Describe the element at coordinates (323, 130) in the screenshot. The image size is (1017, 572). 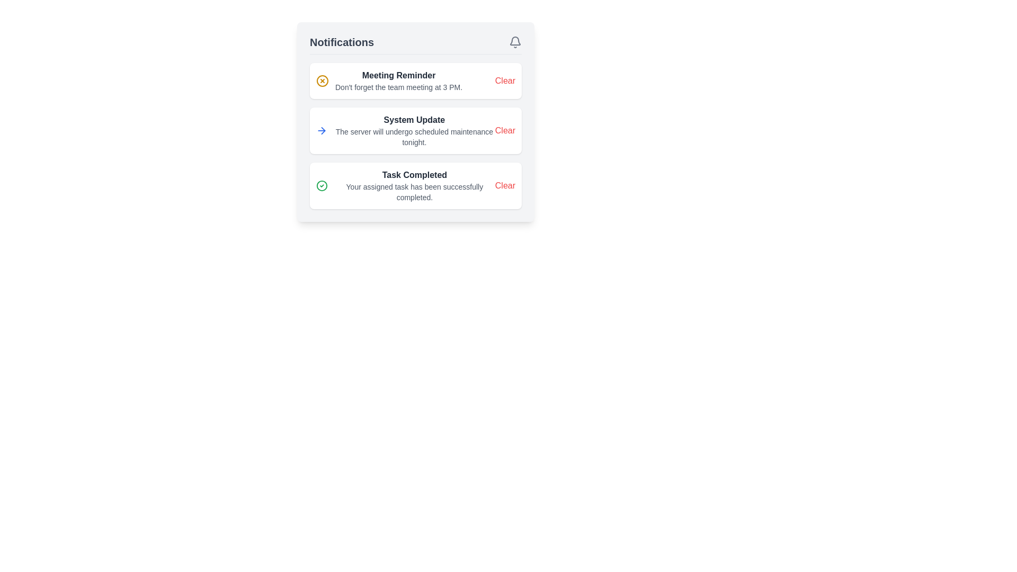
I see `the blue arrow symbol pointing right located in the upper-right corner of the 'System Update' notification card` at that location.